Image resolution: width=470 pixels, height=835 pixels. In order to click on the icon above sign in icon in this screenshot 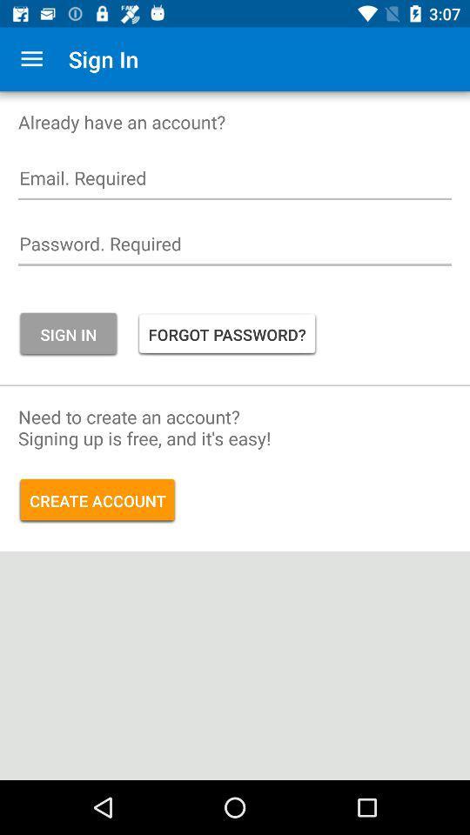, I will do `click(235, 247)`.